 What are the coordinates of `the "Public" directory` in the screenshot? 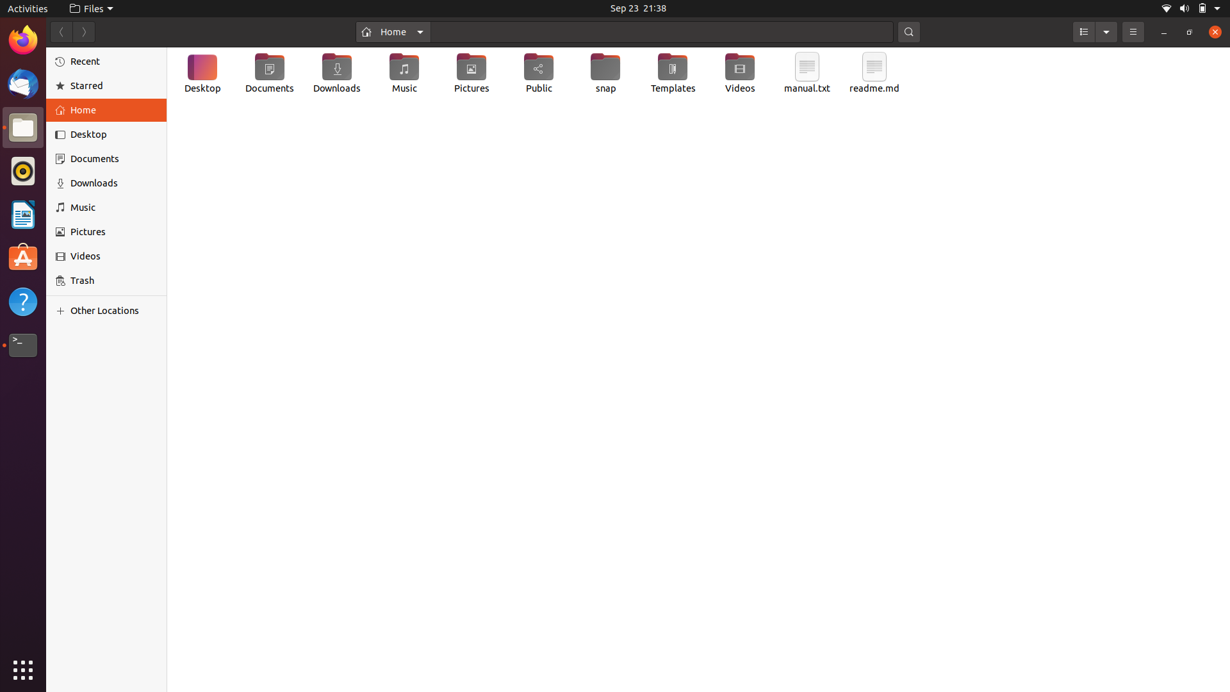 It's located at (540, 74).